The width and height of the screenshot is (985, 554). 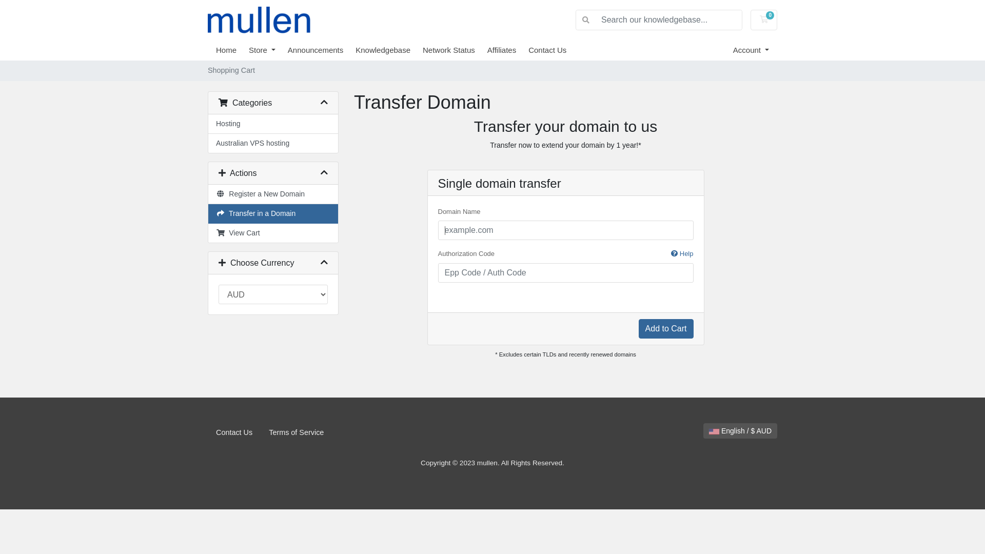 I want to click on 'Account', so click(x=751, y=50).